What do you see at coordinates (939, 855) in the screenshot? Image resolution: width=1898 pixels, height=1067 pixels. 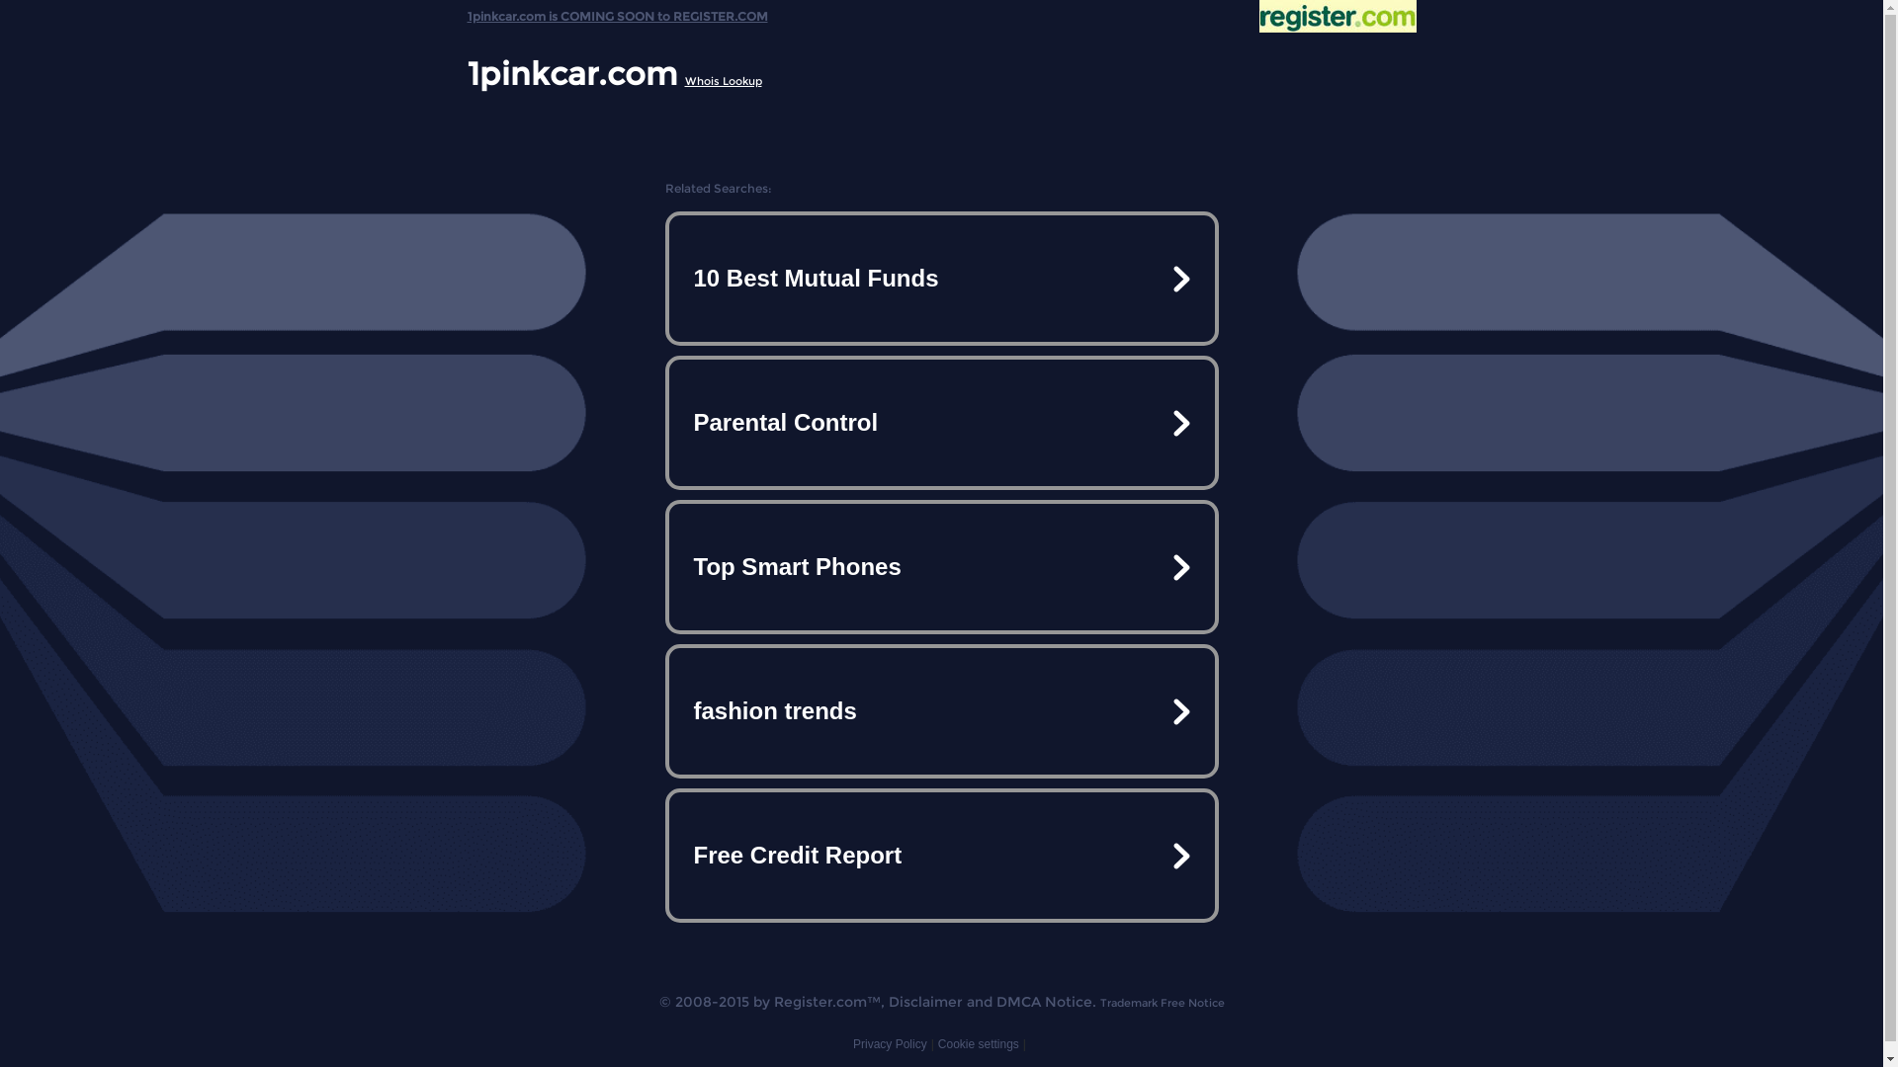 I see `'Free Credit Report'` at bounding box center [939, 855].